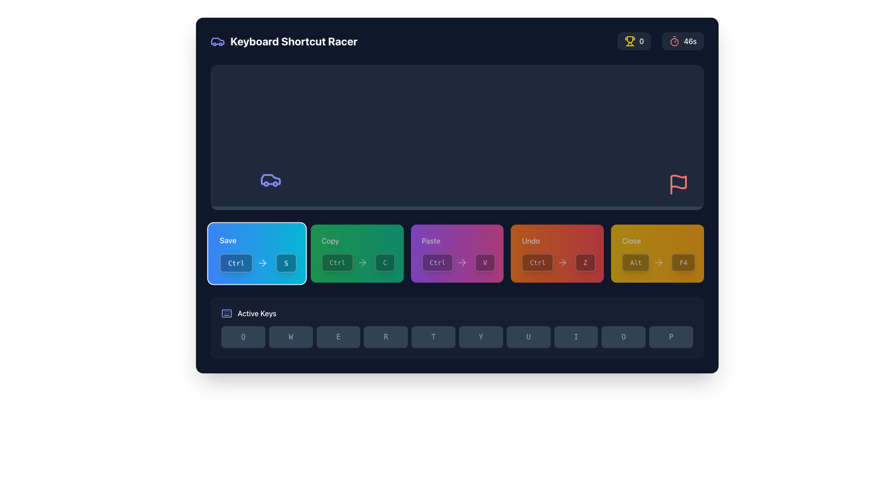 The width and height of the screenshot is (871, 490). What do you see at coordinates (262, 263) in the screenshot?
I see `the right-facing arrow icon inside the blue box labeled 'Save', positioned between the 'Ctrl' button and the 'S' button` at bounding box center [262, 263].